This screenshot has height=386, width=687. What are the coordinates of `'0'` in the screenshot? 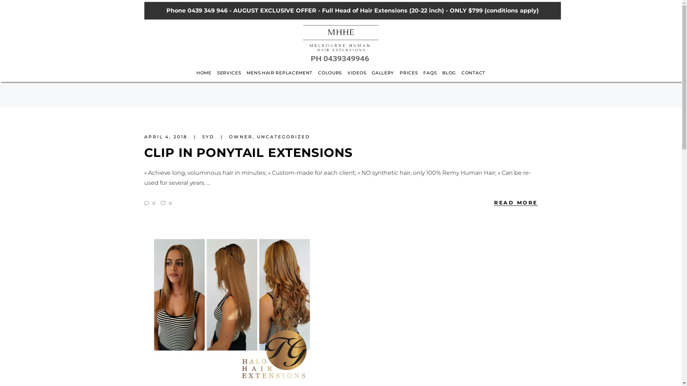 It's located at (143, 203).